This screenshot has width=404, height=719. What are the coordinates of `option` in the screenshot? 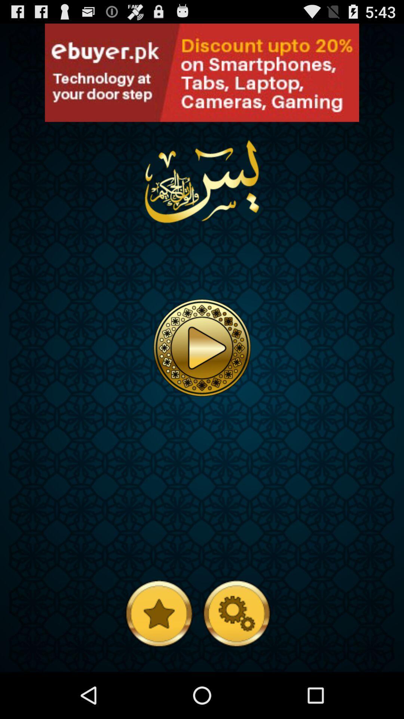 It's located at (202, 347).